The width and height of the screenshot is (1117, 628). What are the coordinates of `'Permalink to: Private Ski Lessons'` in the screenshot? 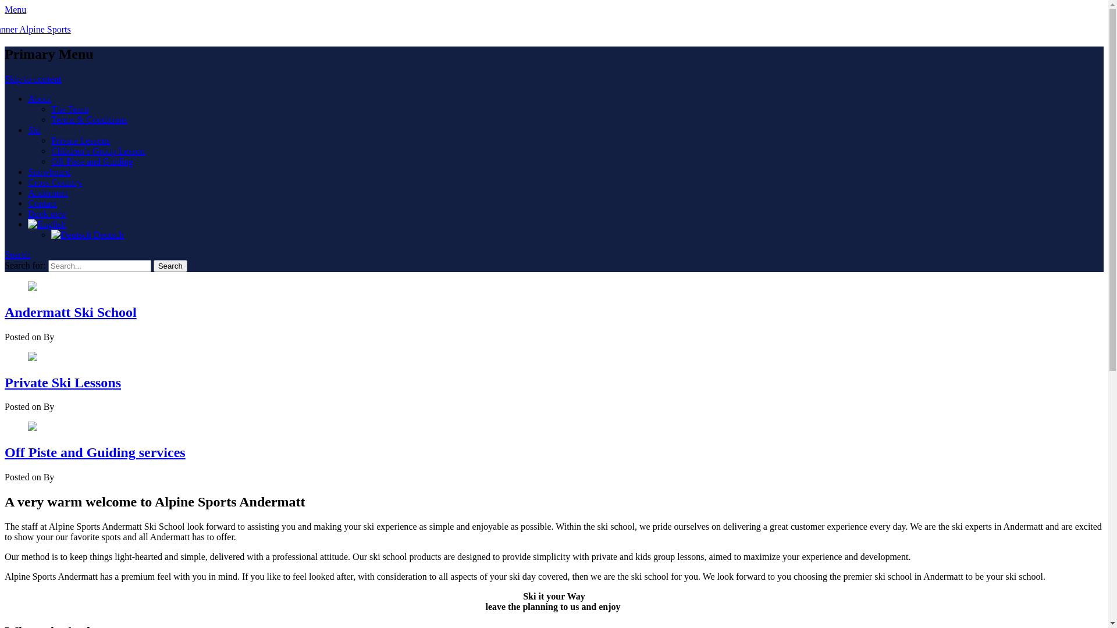 It's located at (33, 357).